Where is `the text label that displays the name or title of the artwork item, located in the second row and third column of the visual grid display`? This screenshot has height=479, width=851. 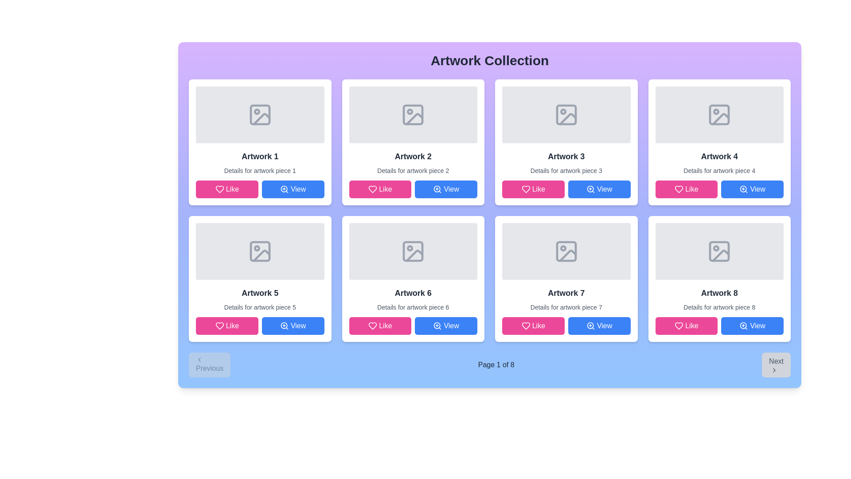 the text label that displays the name or title of the artwork item, located in the second row and third column of the visual grid display is located at coordinates (413, 293).